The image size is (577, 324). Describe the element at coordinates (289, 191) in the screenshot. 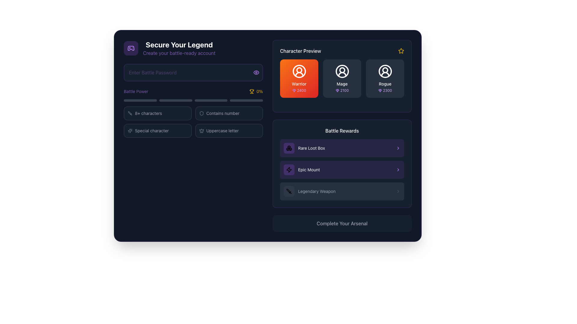

I see `the leftmost icon representing the 'Legendary Weapon' reward in the 'Battle Rewards' section of the right panel` at that location.